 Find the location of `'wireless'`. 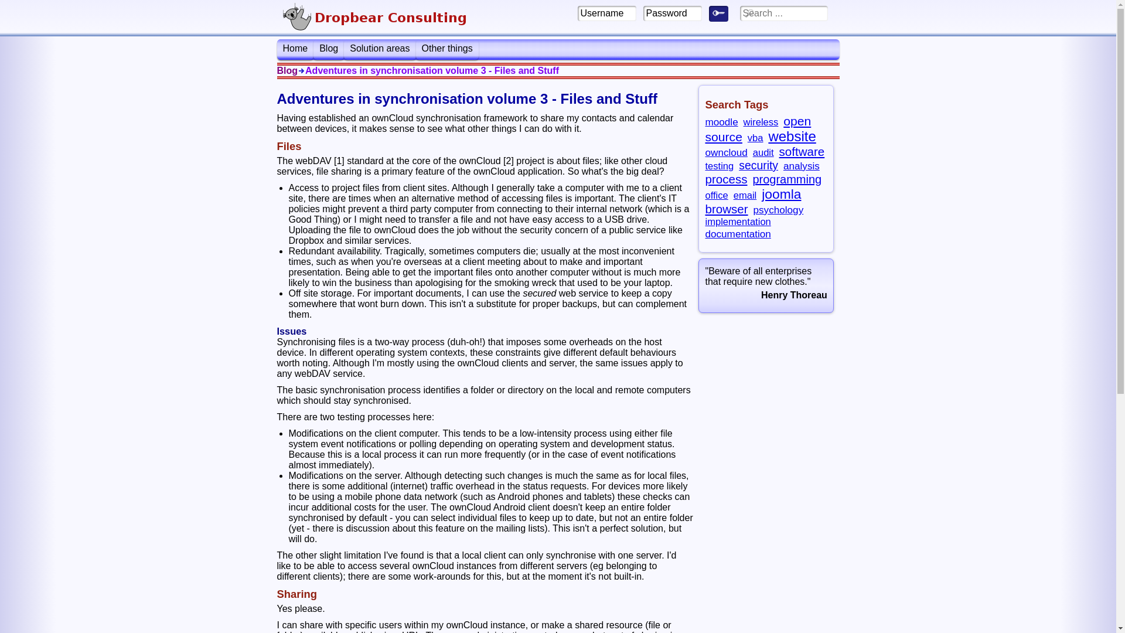

'wireless' is located at coordinates (761, 122).